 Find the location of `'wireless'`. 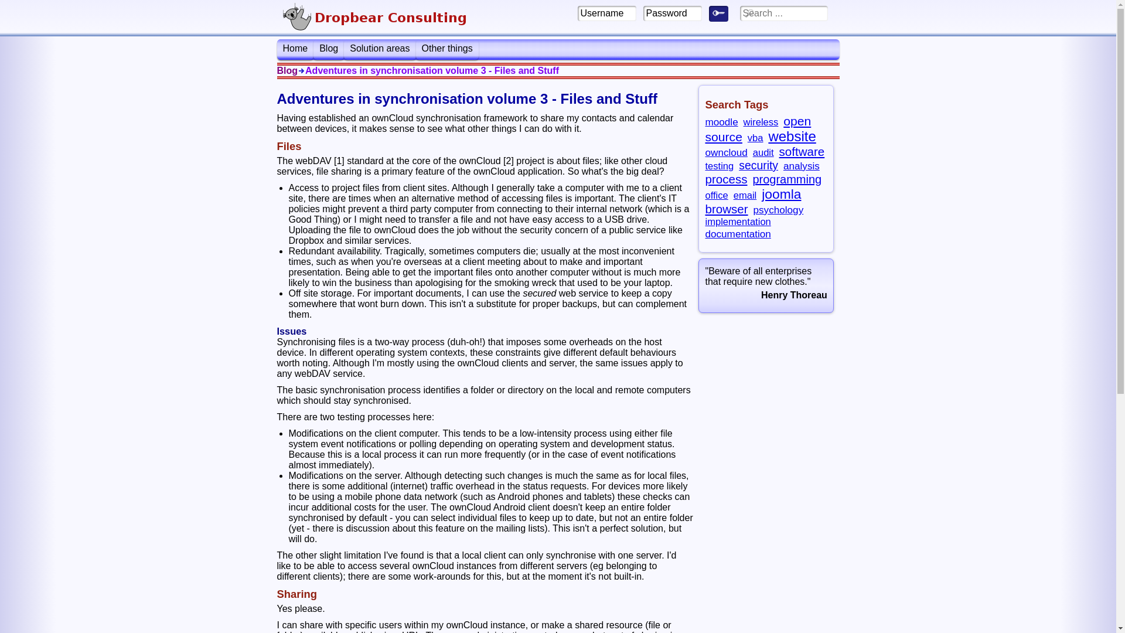

'wireless' is located at coordinates (761, 122).